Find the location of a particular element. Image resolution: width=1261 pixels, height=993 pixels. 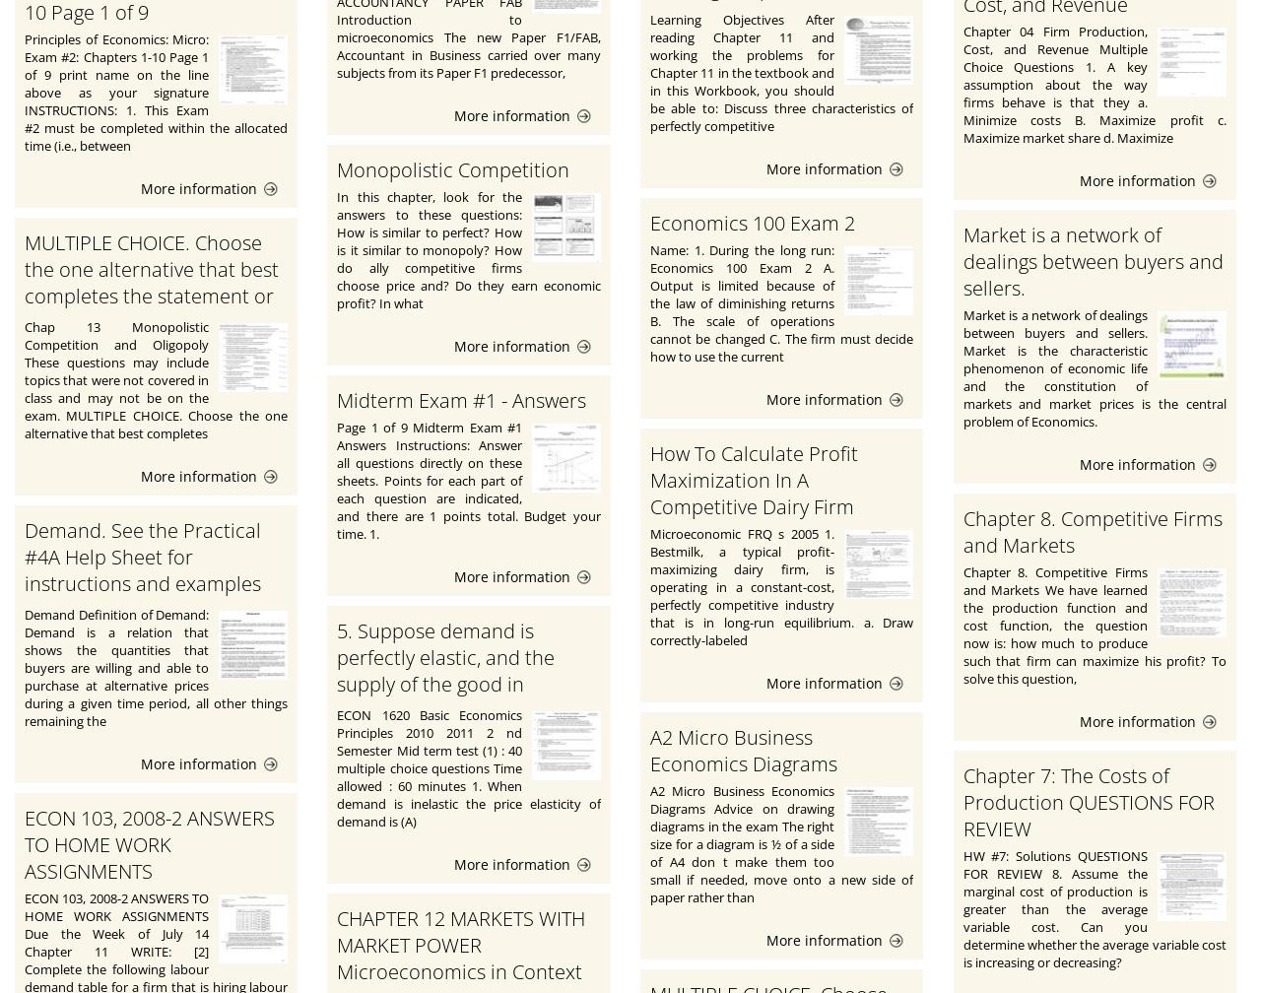

'Chapter 8. Competitive Firms and Markets We have learned the production function and cost function, the question now is: how much to produce such that firm can maximize his profit? To solve this question,' is located at coordinates (1094, 625).